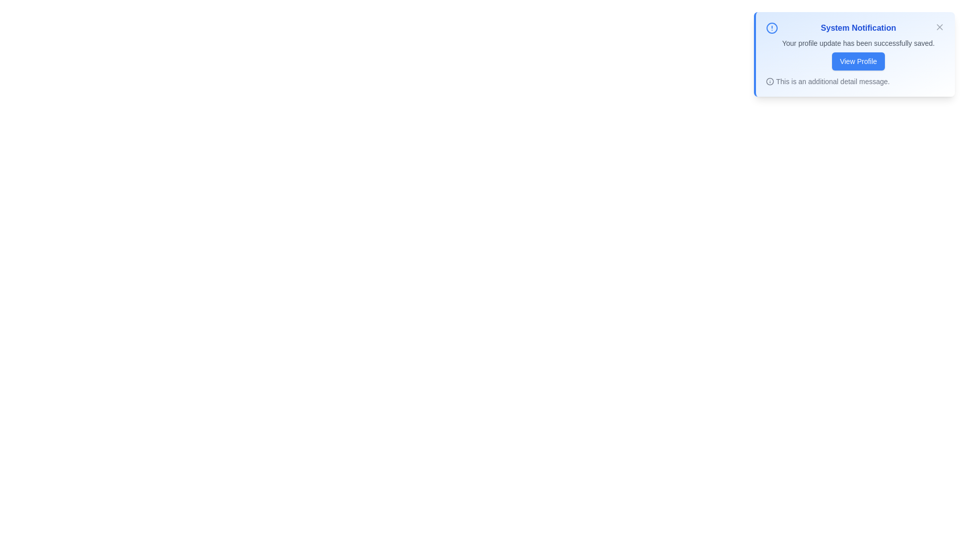 This screenshot has height=544, width=967. I want to click on the close button to dismiss the notification, so click(939, 27).